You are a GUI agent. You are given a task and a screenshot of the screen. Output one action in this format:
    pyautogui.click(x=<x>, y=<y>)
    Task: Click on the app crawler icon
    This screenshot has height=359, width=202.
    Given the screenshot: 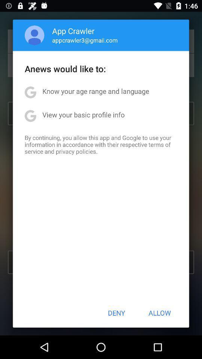 What is the action you would take?
    pyautogui.click(x=73, y=31)
    